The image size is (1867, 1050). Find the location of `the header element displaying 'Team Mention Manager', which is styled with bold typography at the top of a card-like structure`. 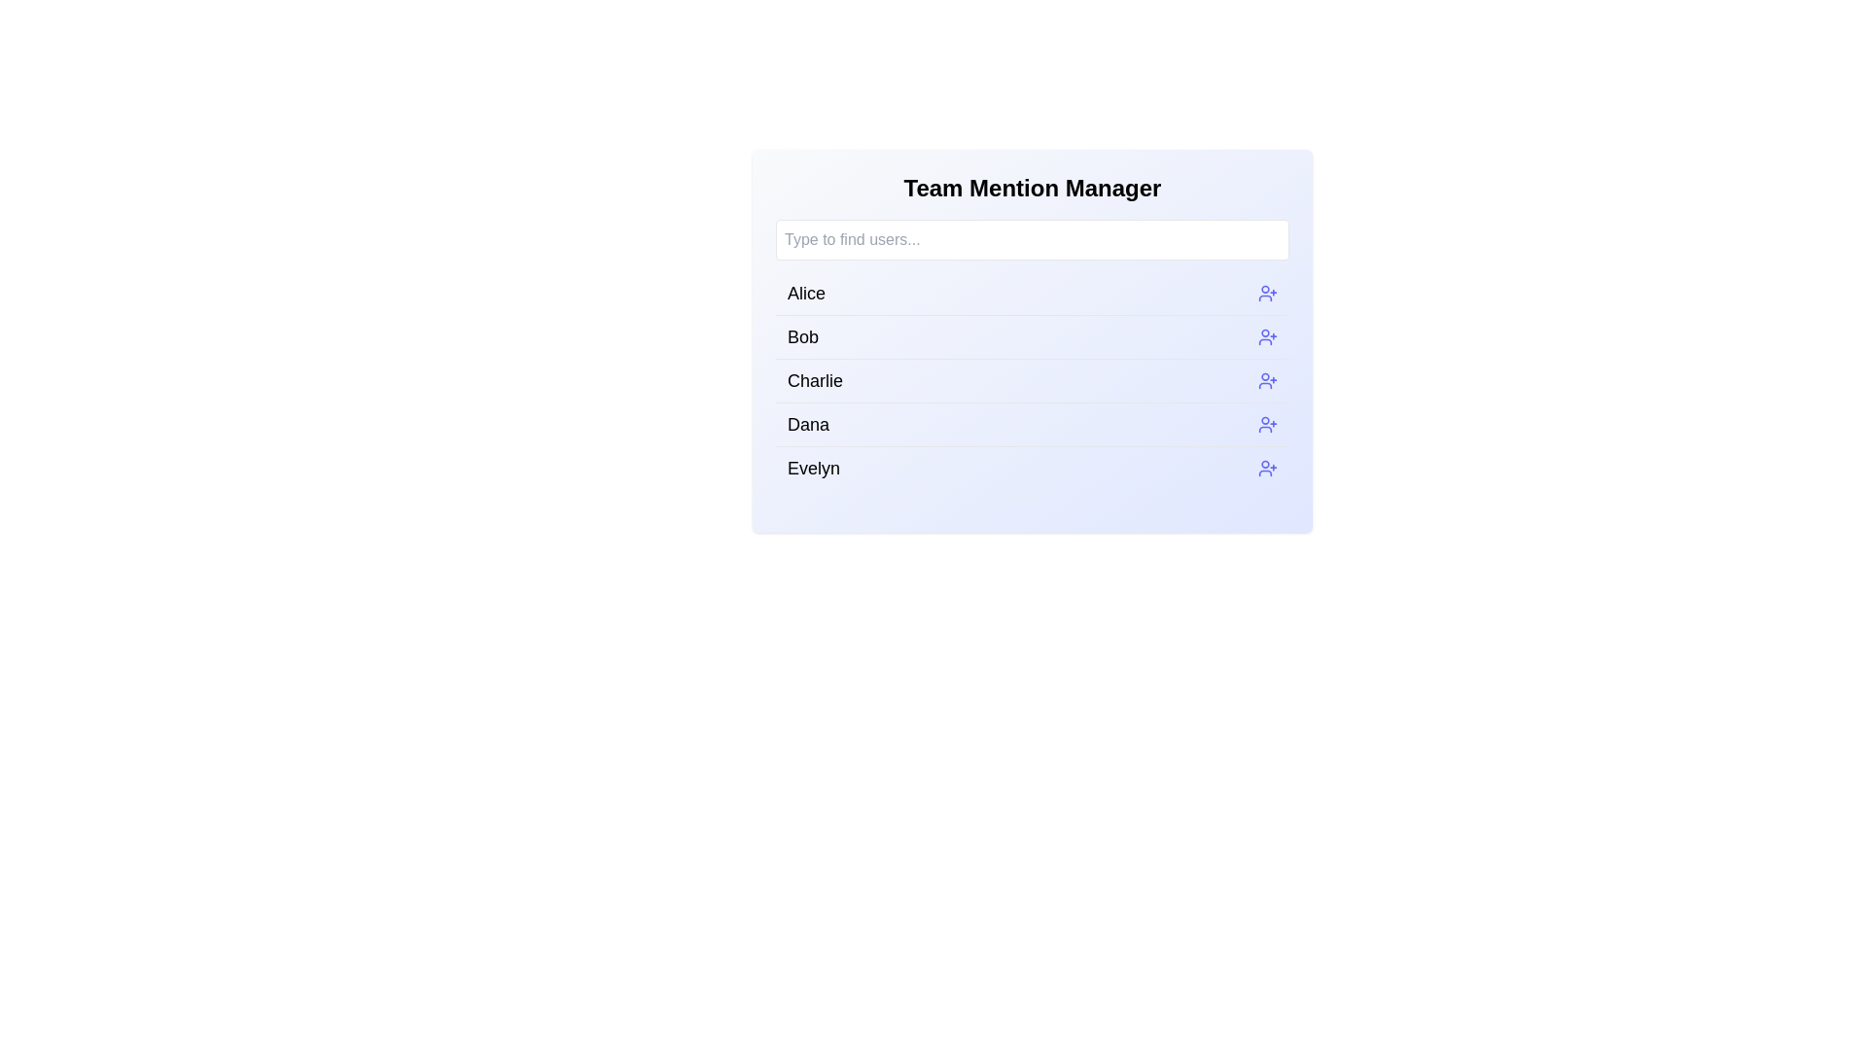

the header element displaying 'Team Mention Manager', which is styled with bold typography at the top of a card-like structure is located at coordinates (1031, 188).